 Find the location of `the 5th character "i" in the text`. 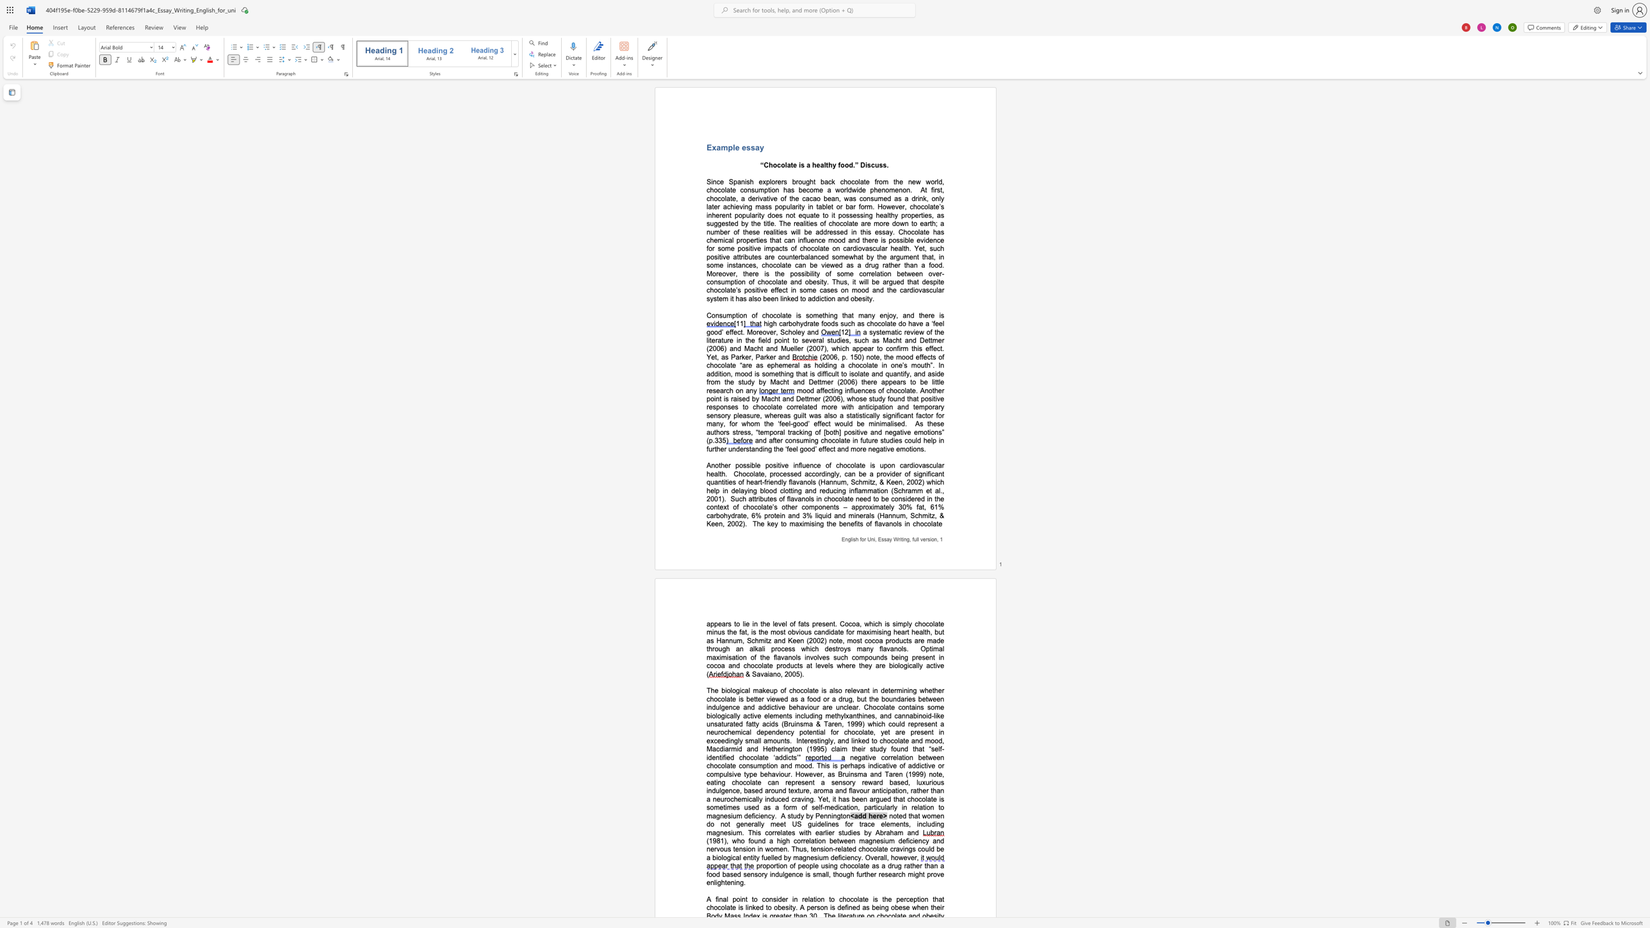

the 5th character "i" in the text is located at coordinates (866, 298).